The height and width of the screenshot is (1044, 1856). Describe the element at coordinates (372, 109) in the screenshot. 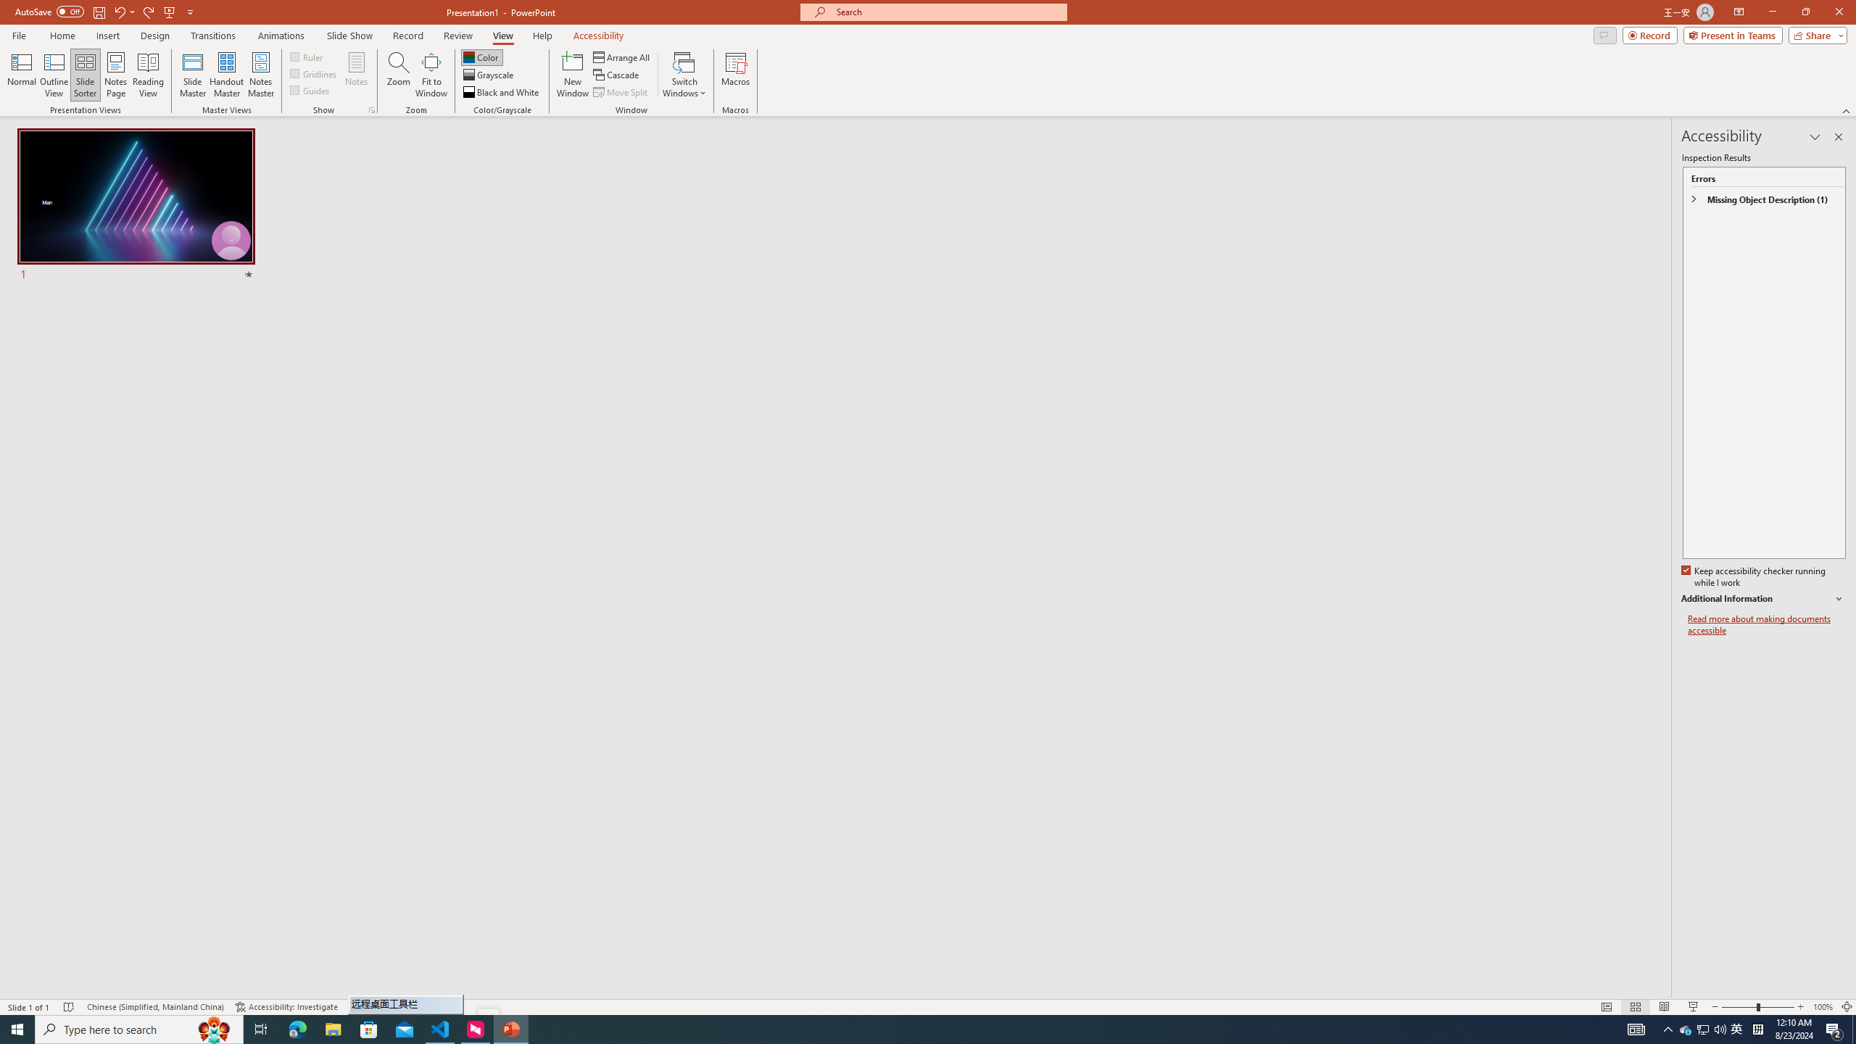

I see `'Grid Settings...'` at that location.